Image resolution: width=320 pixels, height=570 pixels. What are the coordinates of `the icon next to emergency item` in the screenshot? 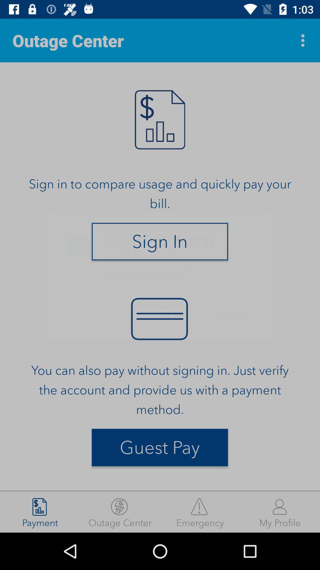 It's located at (280, 512).